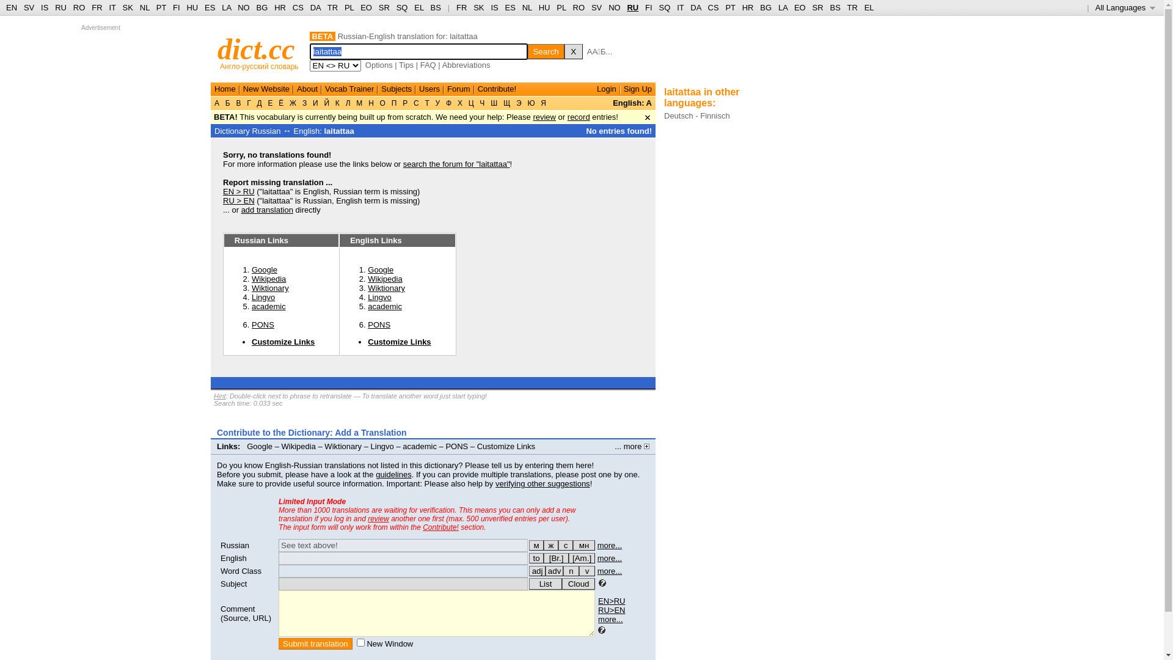 Image resolution: width=1173 pixels, height=660 pixels. Describe the element at coordinates (367, 342) in the screenshot. I see `'Customize Links'` at that location.